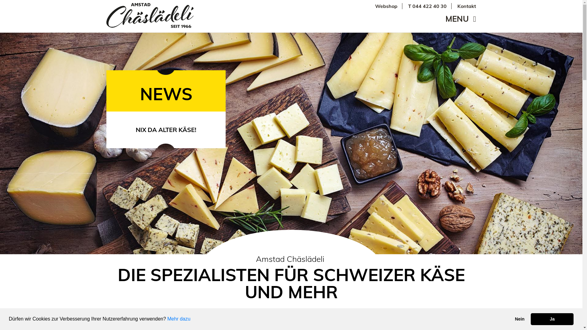  Describe the element at coordinates (511, 319) in the screenshot. I see `'Nein'` at that location.